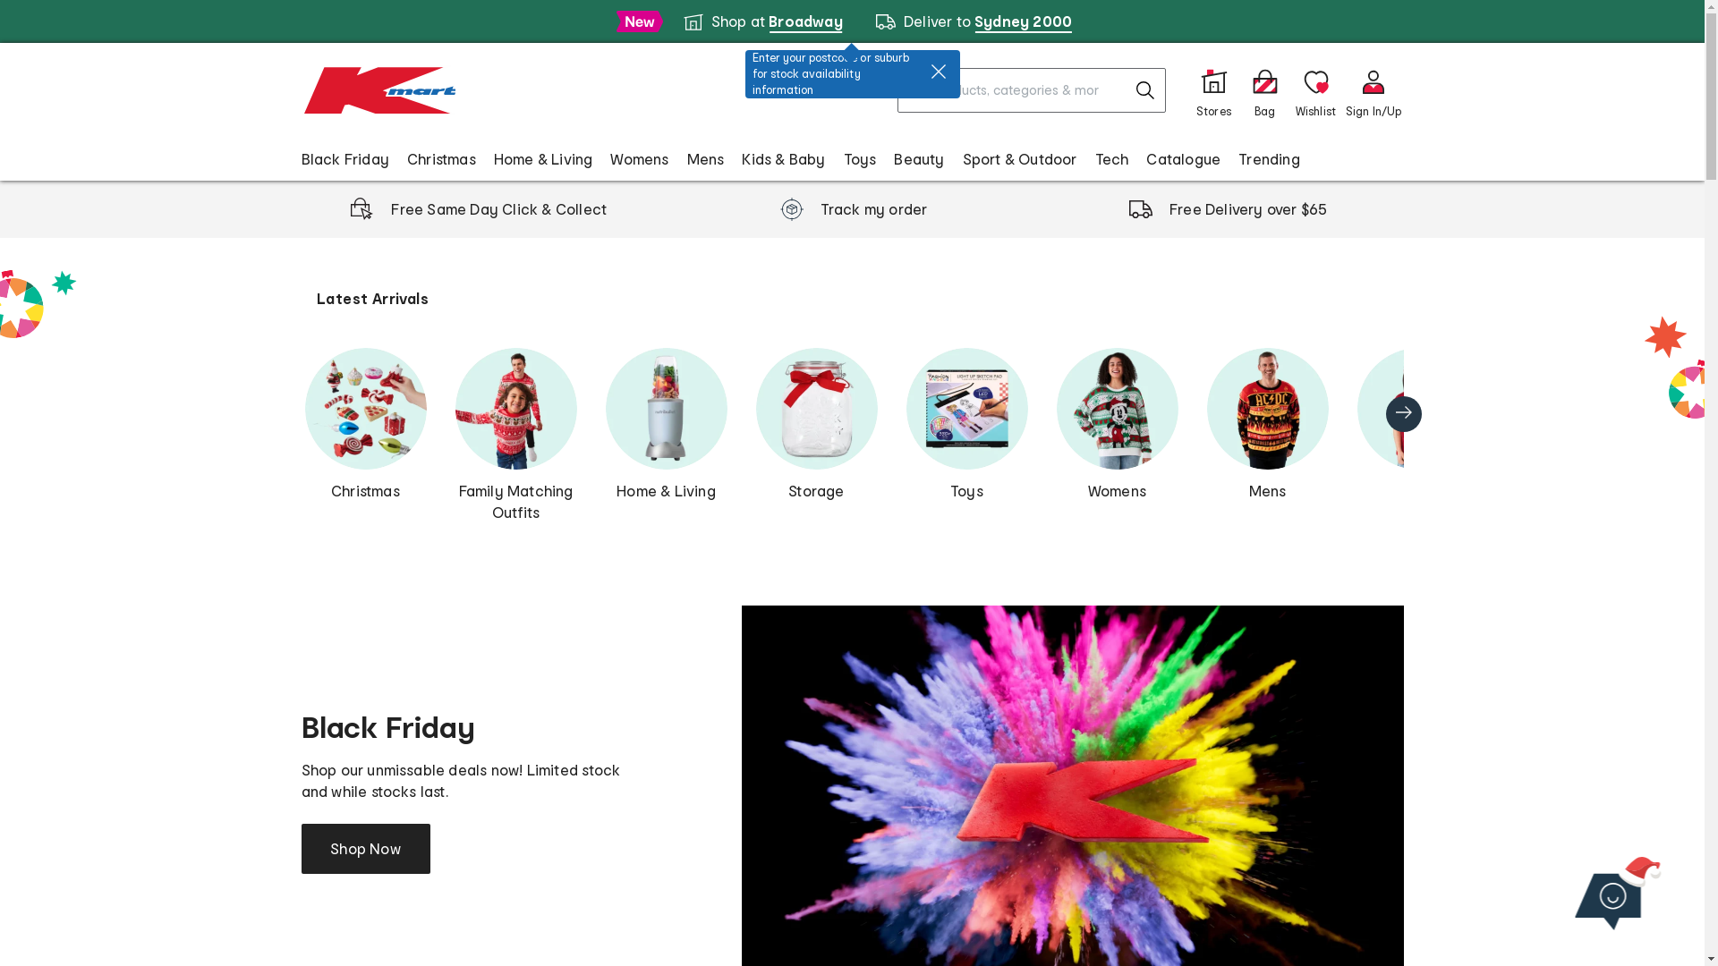  I want to click on 'Catalogue', so click(1183, 157).